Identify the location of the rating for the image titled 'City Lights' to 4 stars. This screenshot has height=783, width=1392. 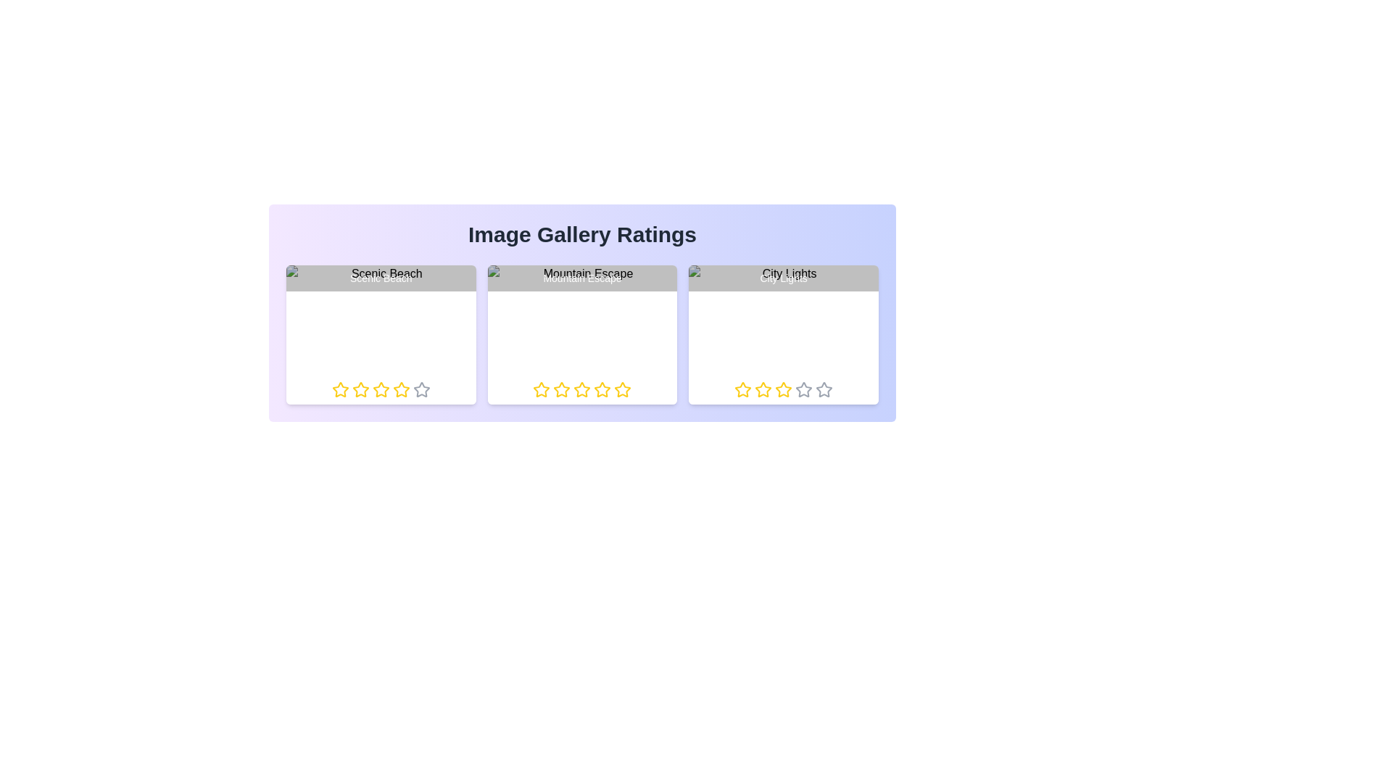
(795, 389).